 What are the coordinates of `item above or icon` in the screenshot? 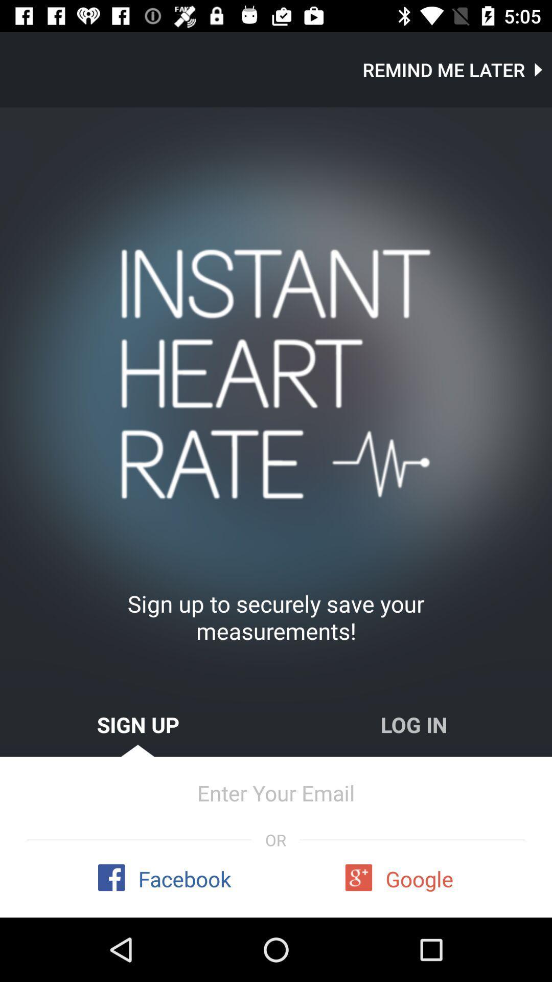 It's located at (276, 792).